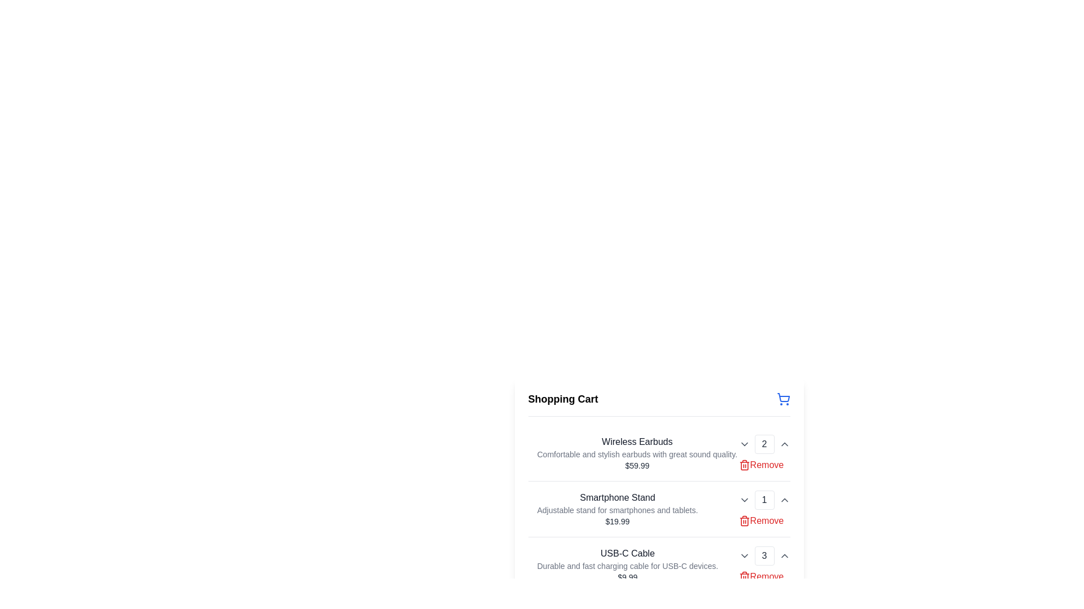  What do you see at coordinates (744, 443) in the screenshot?
I see `the downward-facing chevron icon next to the quantity display for 'Wireless Earbuds'` at bounding box center [744, 443].